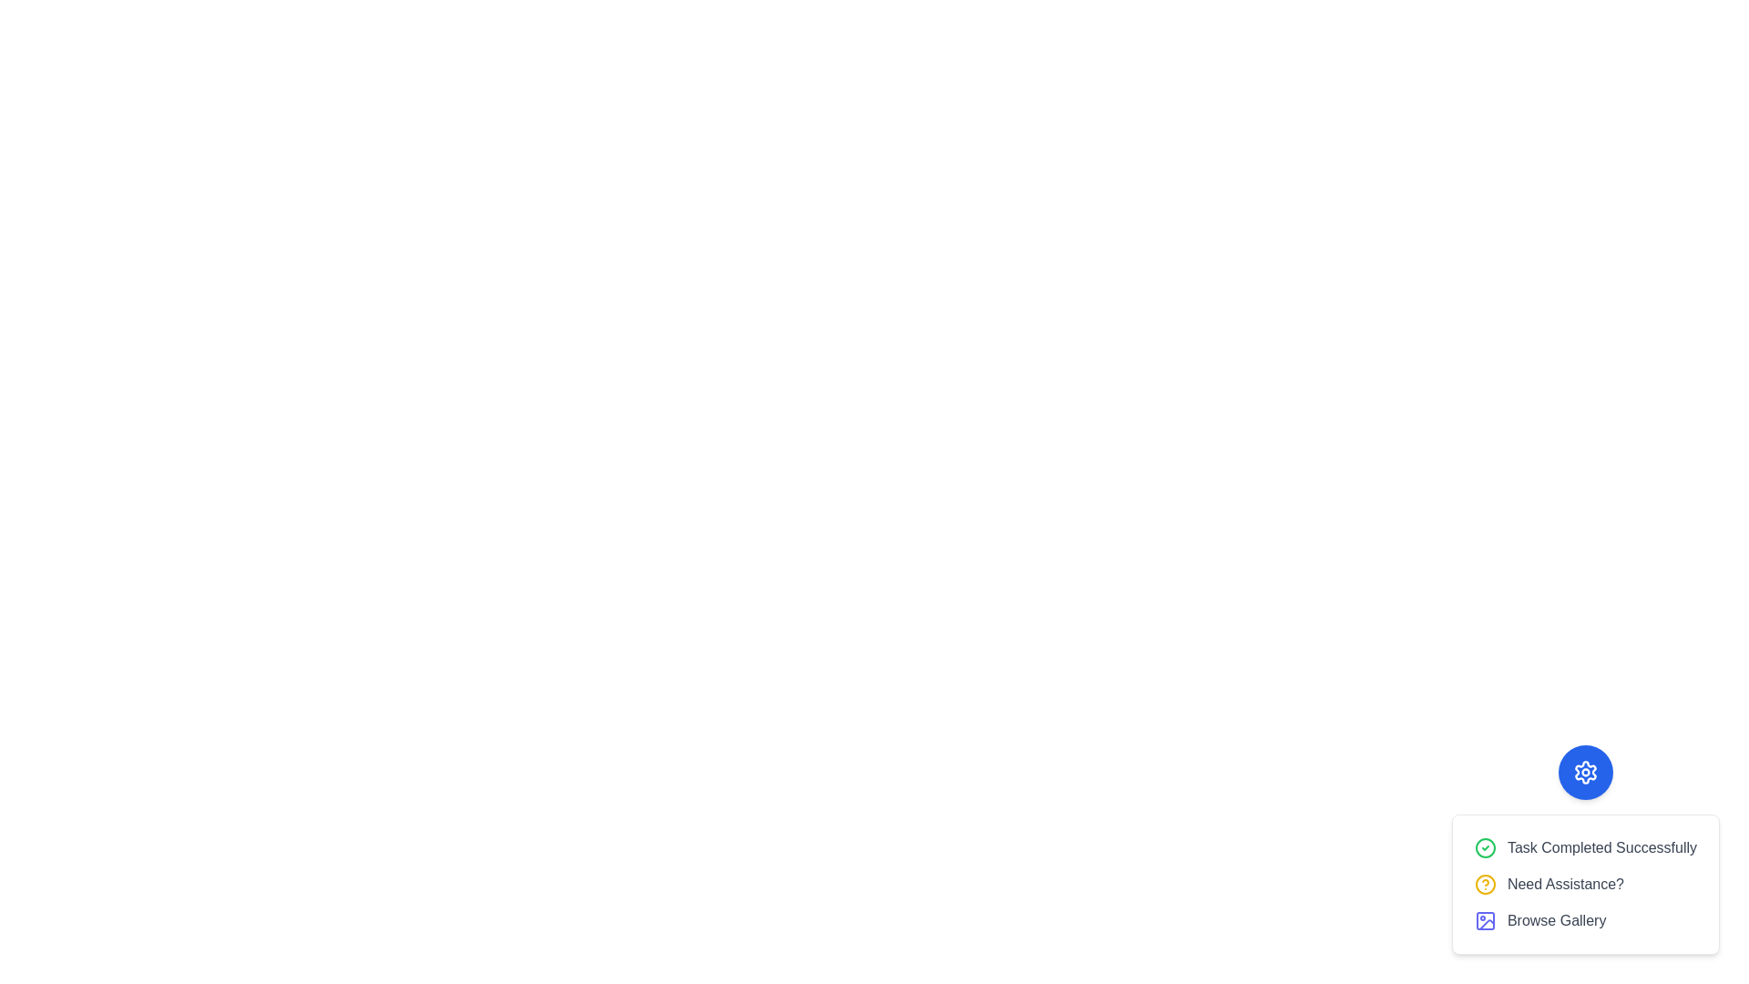 This screenshot has width=1749, height=984. What do you see at coordinates (1485, 884) in the screenshot?
I see `the informational icon located on the left side of the 'Need Assistance?' text` at bounding box center [1485, 884].